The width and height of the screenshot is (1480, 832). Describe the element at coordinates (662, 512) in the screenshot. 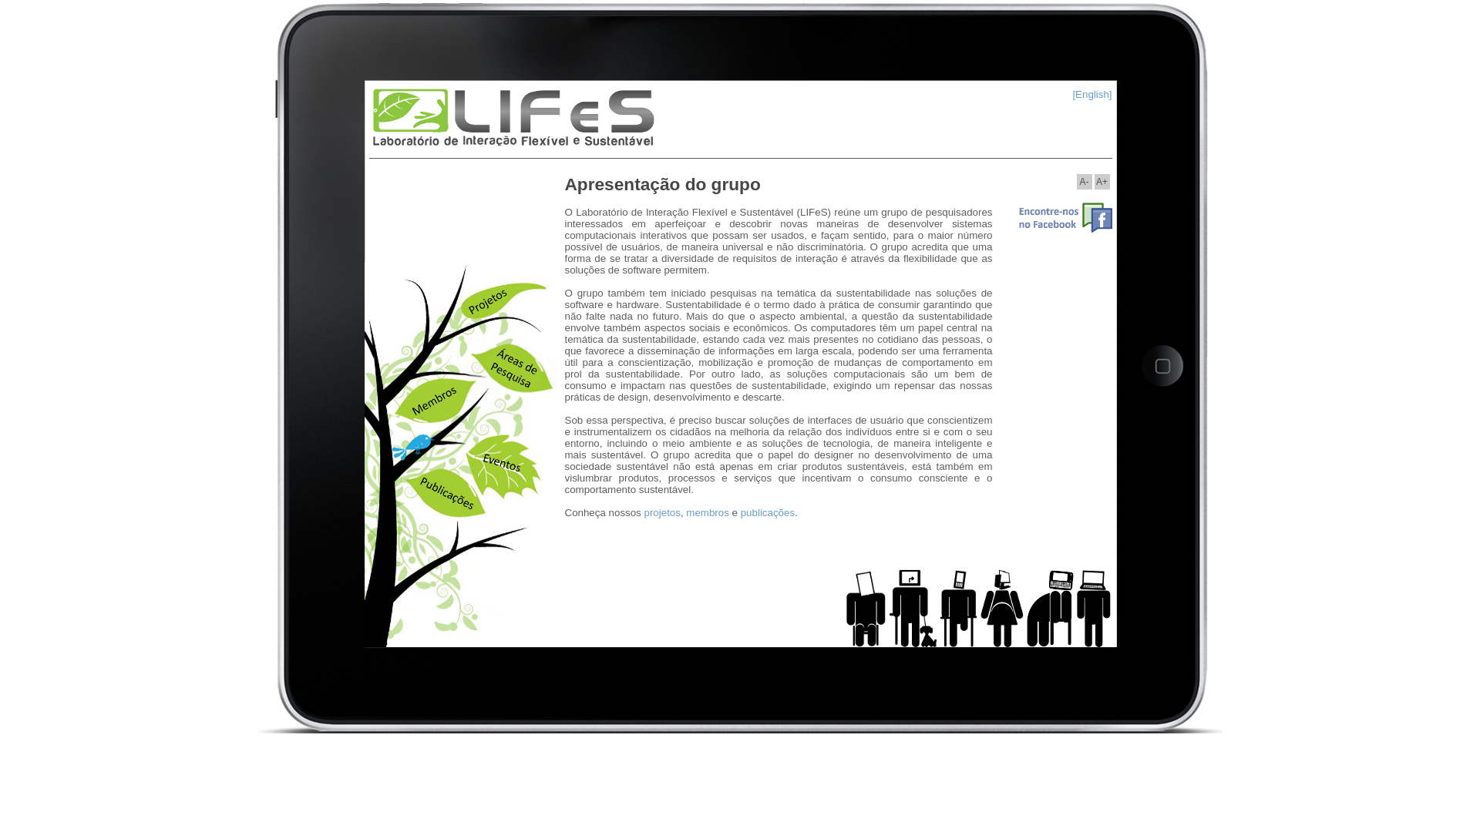

I see `'projetos'` at that location.